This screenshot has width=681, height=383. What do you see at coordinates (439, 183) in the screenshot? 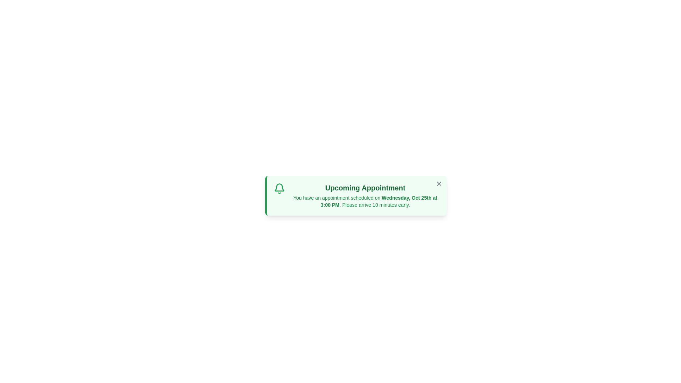
I see `the close button located at the top right corner of the notification box with a light green background` at bounding box center [439, 183].